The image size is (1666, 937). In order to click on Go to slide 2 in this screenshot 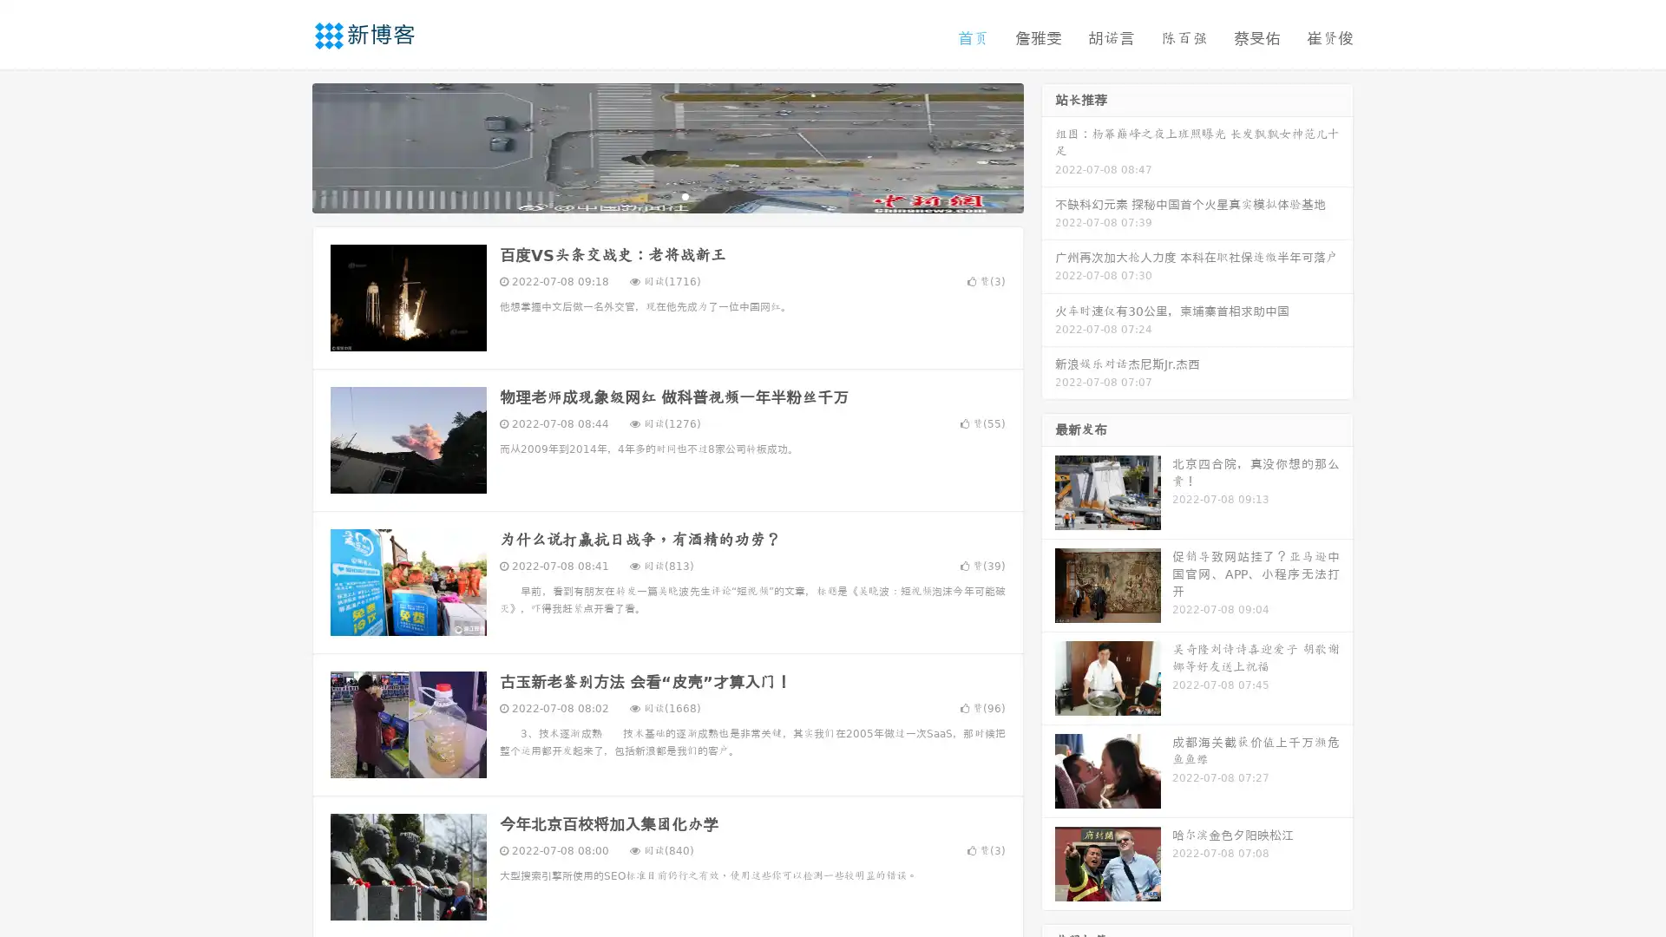, I will do `click(666, 195)`.